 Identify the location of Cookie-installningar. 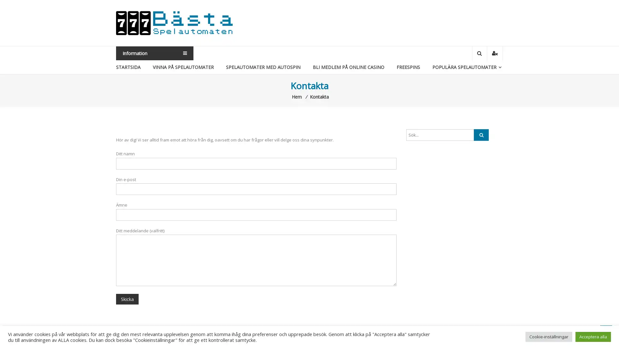
(548, 336).